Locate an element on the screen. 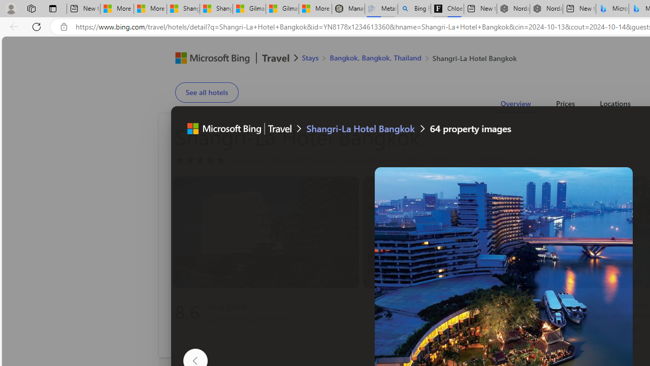 This screenshot has width=650, height=366. 'Bing Real Estate - Home sales and rental listings' is located at coordinates (414, 9).